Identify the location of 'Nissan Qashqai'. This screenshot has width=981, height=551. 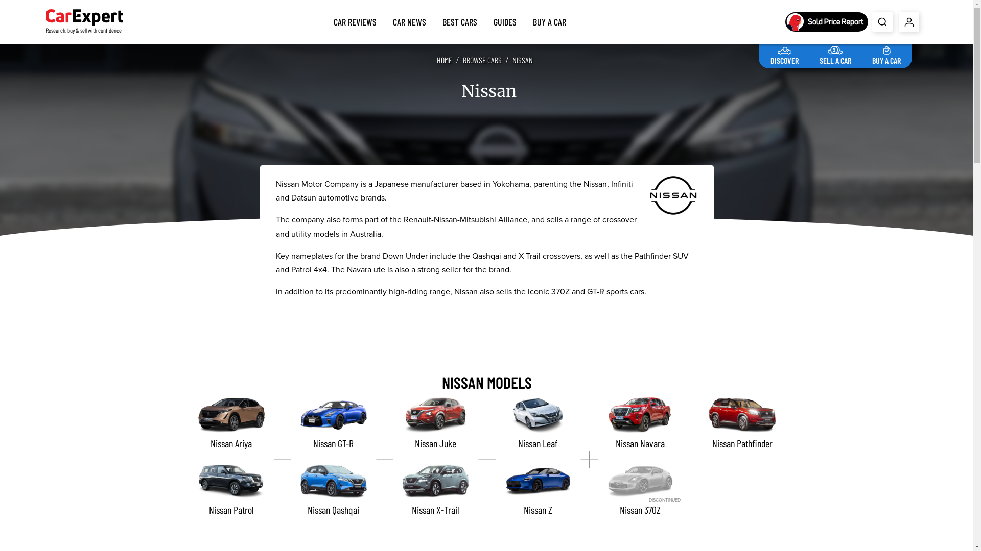
(333, 489).